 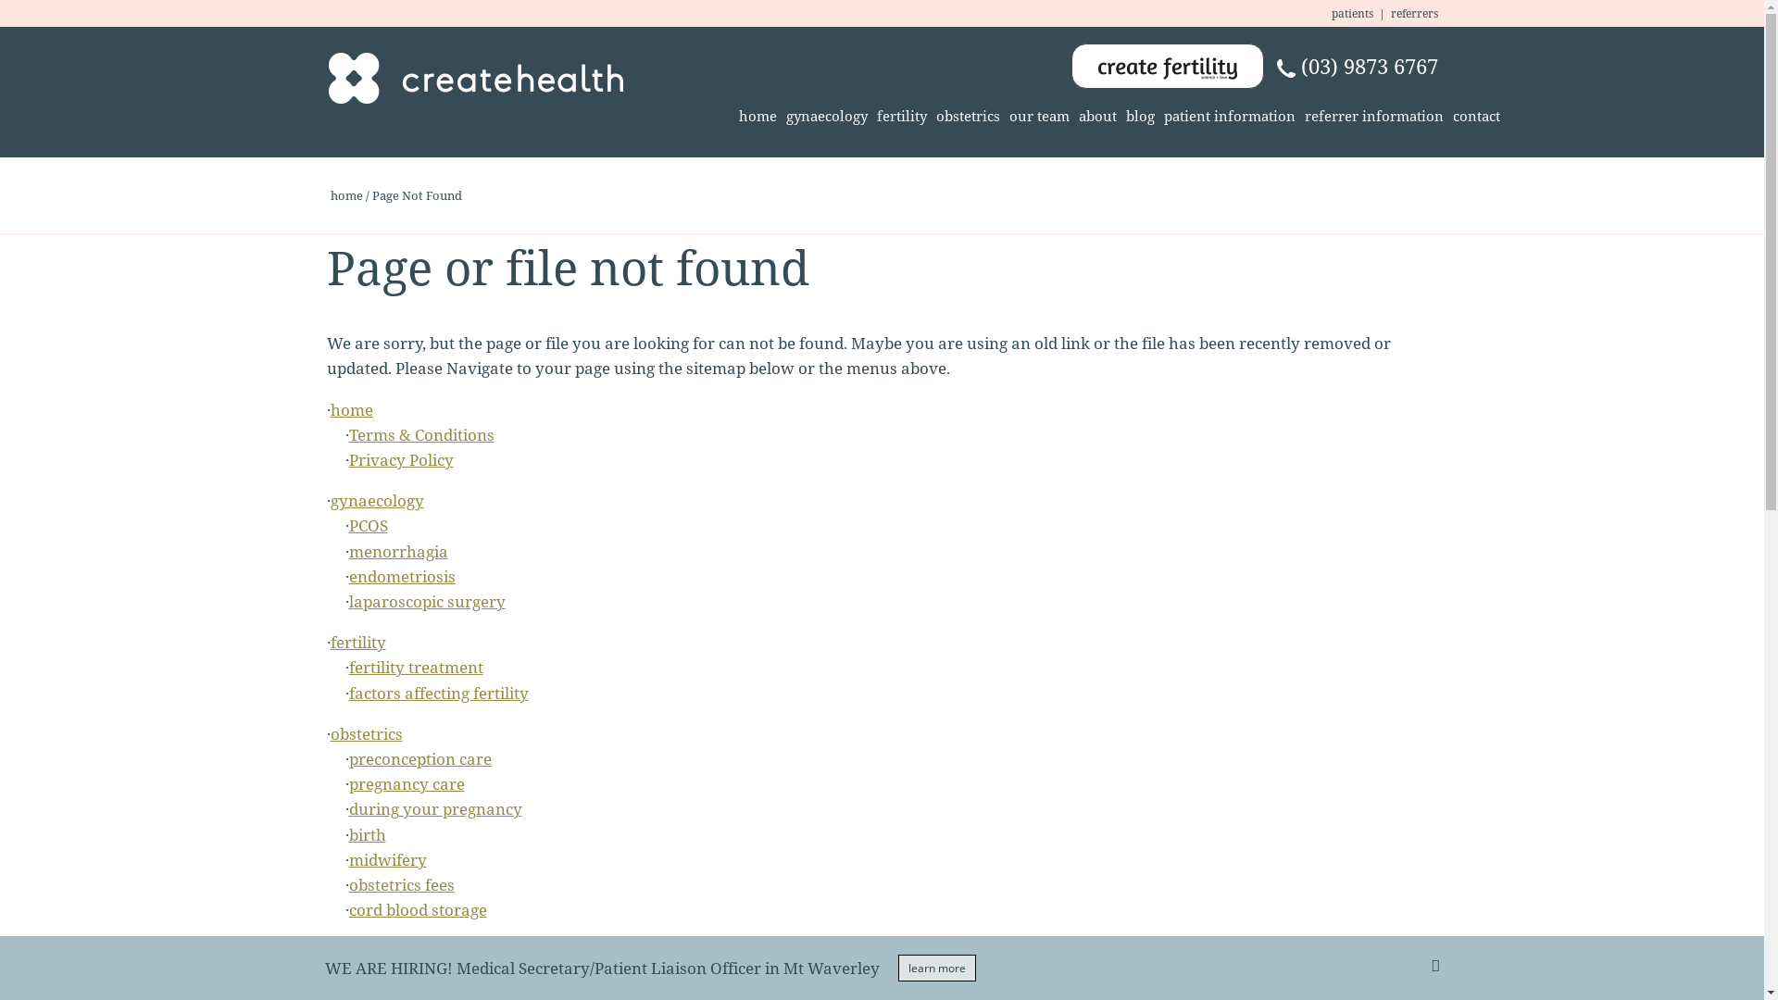 What do you see at coordinates (397, 975) in the screenshot?
I see `'Dr Mei Cheah'` at bounding box center [397, 975].